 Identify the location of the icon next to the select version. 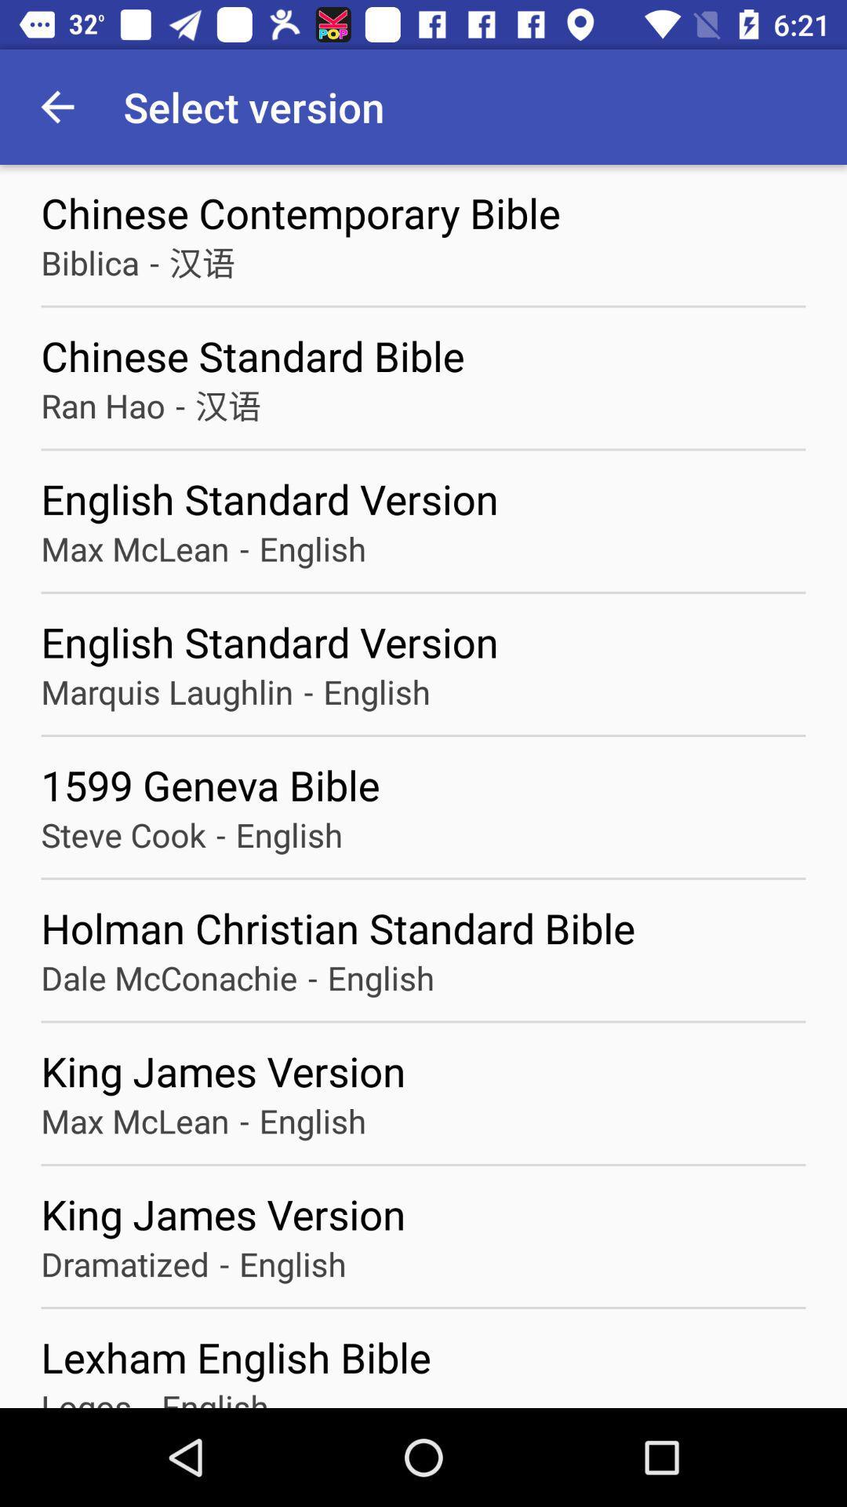
(56, 106).